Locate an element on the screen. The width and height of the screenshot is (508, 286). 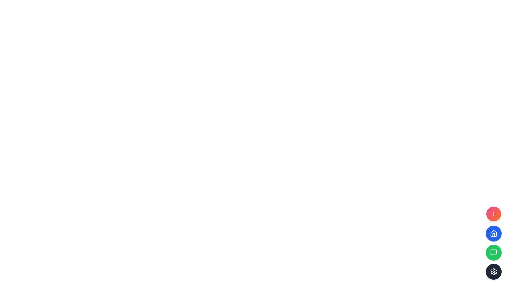
the circular green button with a speech bubble icon located in the bottom-right corner of the UI is located at coordinates (493, 243).